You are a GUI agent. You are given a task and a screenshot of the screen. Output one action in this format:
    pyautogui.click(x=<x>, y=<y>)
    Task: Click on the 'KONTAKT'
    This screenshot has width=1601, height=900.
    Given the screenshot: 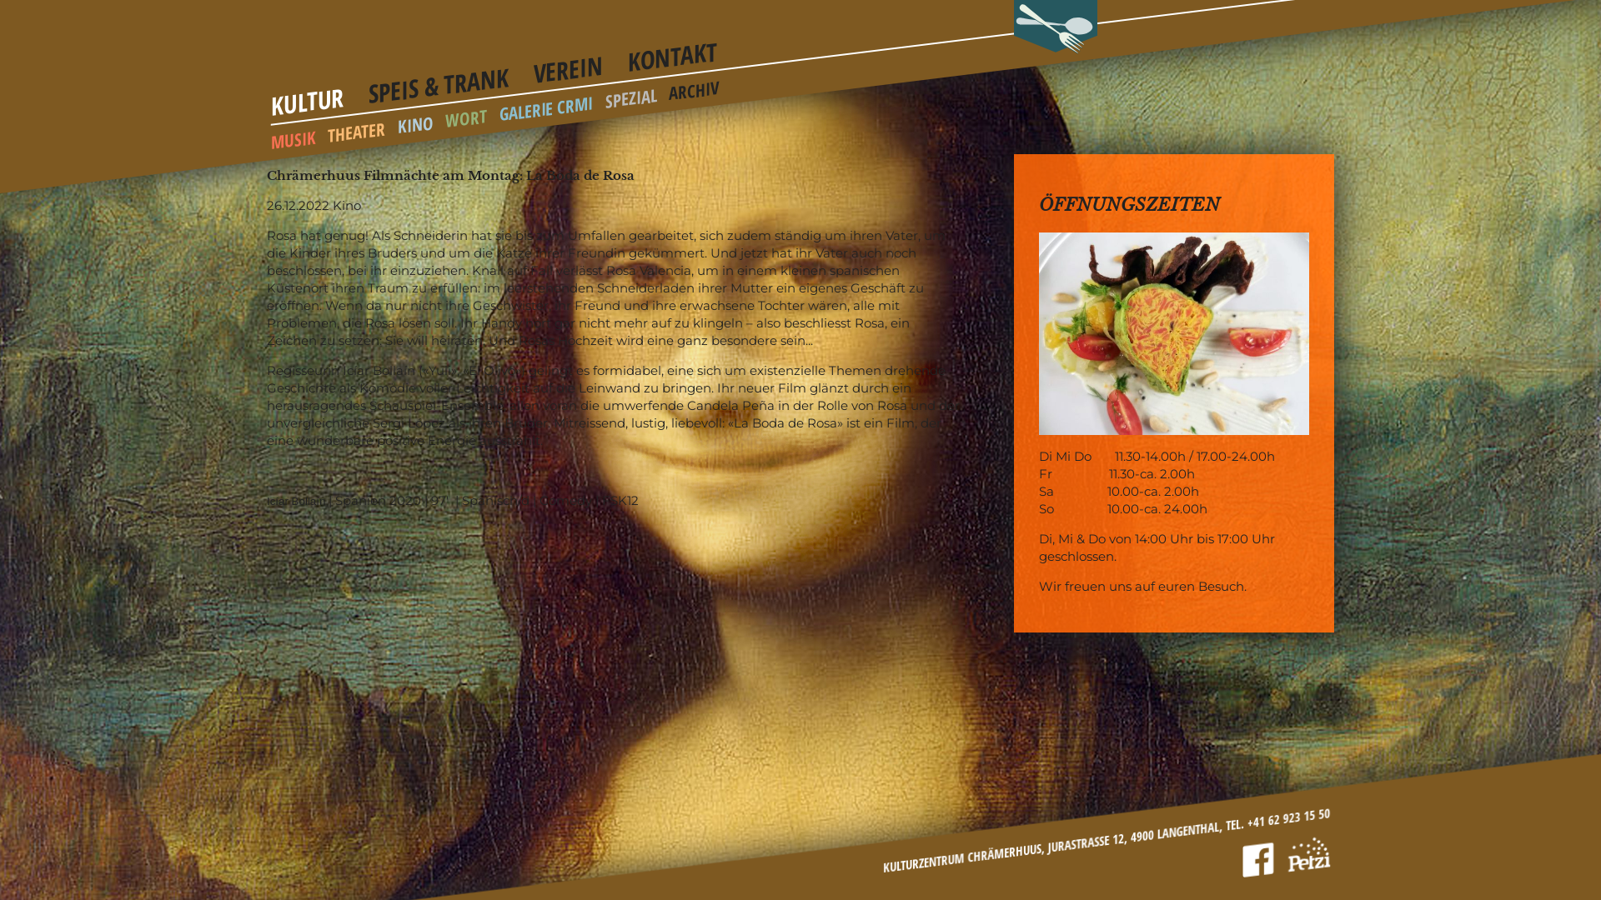 What is the action you would take?
    pyautogui.click(x=672, y=50)
    